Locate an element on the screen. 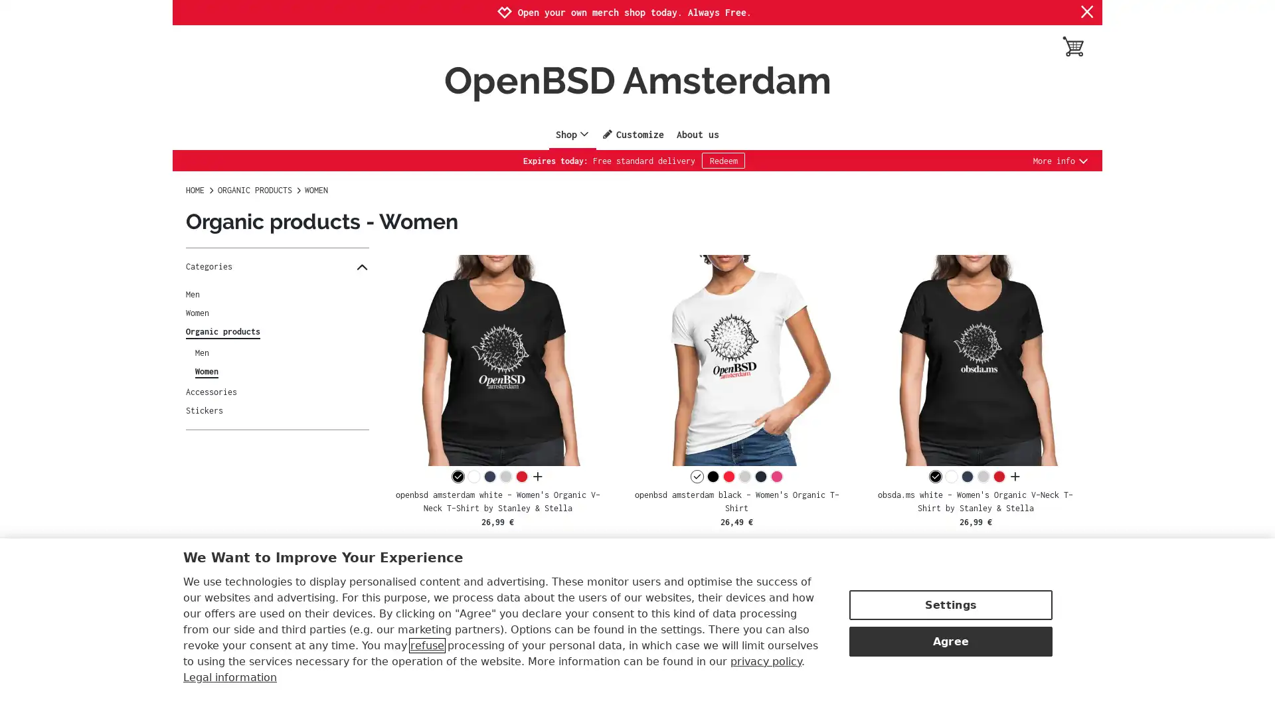 The width and height of the screenshot is (1275, 717). More info is located at coordinates (1061, 160).